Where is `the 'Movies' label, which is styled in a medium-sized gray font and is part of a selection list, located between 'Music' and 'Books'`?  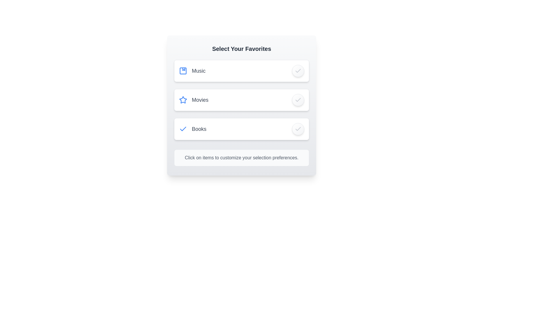
the 'Movies' label, which is styled in a medium-sized gray font and is part of a selection list, located between 'Music' and 'Books' is located at coordinates (200, 99).